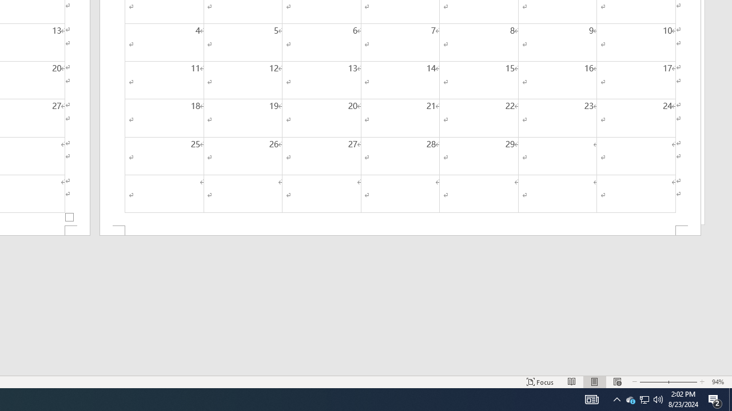 The image size is (732, 411). What do you see at coordinates (616, 398) in the screenshot?
I see `'Notification Chevron'` at bounding box center [616, 398].